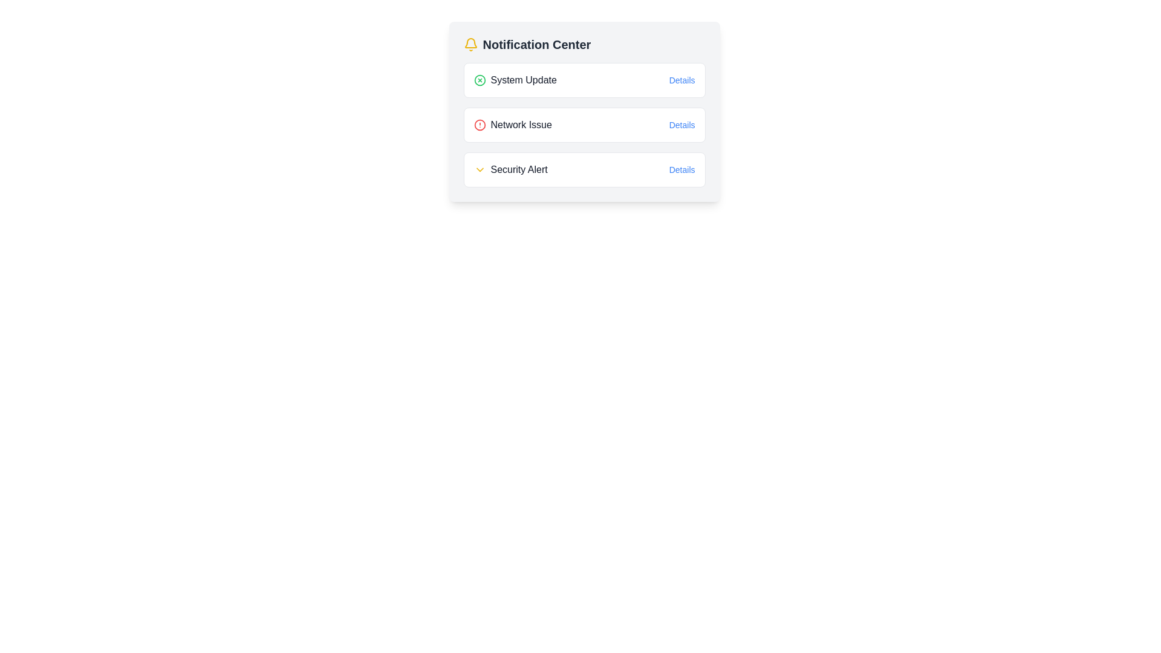 The height and width of the screenshot is (653, 1161). Describe the element at coordinates (519, 170) in the screenshot. I see `the 'Security Alert' text label in the Notification Center, which is the third item in the notification list` at that location.